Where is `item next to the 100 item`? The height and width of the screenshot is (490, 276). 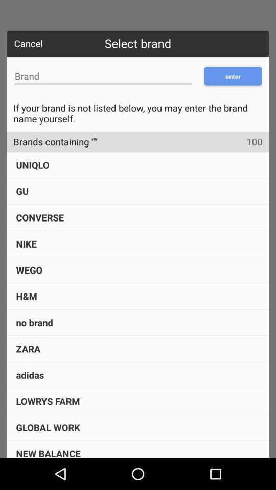 item next to the 100 item is located at coordinates (51, 141).